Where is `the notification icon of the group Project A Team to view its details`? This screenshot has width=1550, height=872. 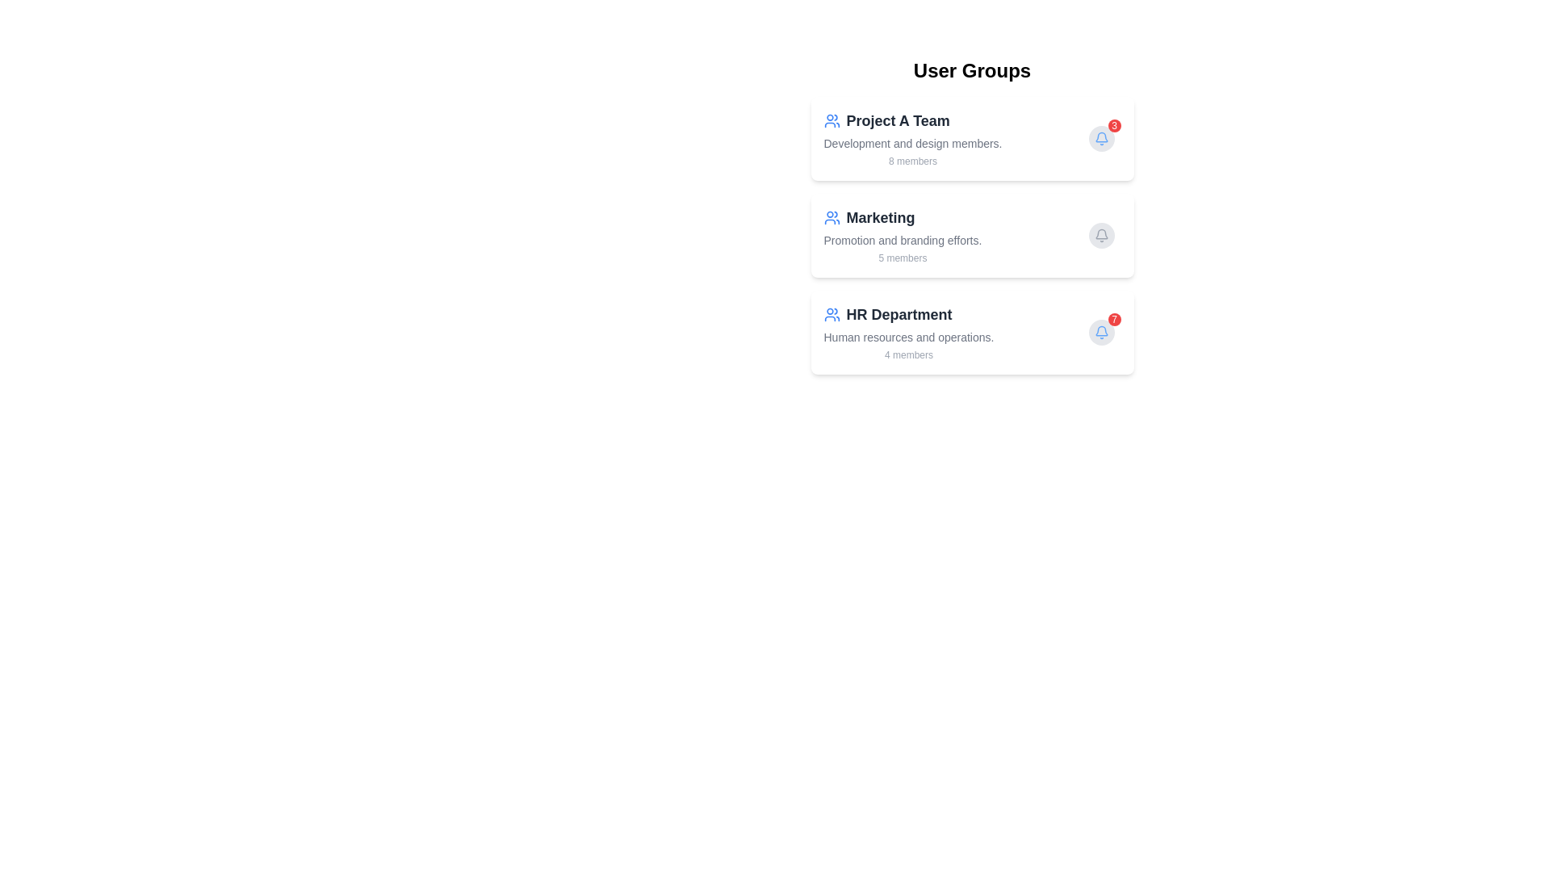 the notification icon of the group Project A Team to view its details is located at coordinates (1100, 138).